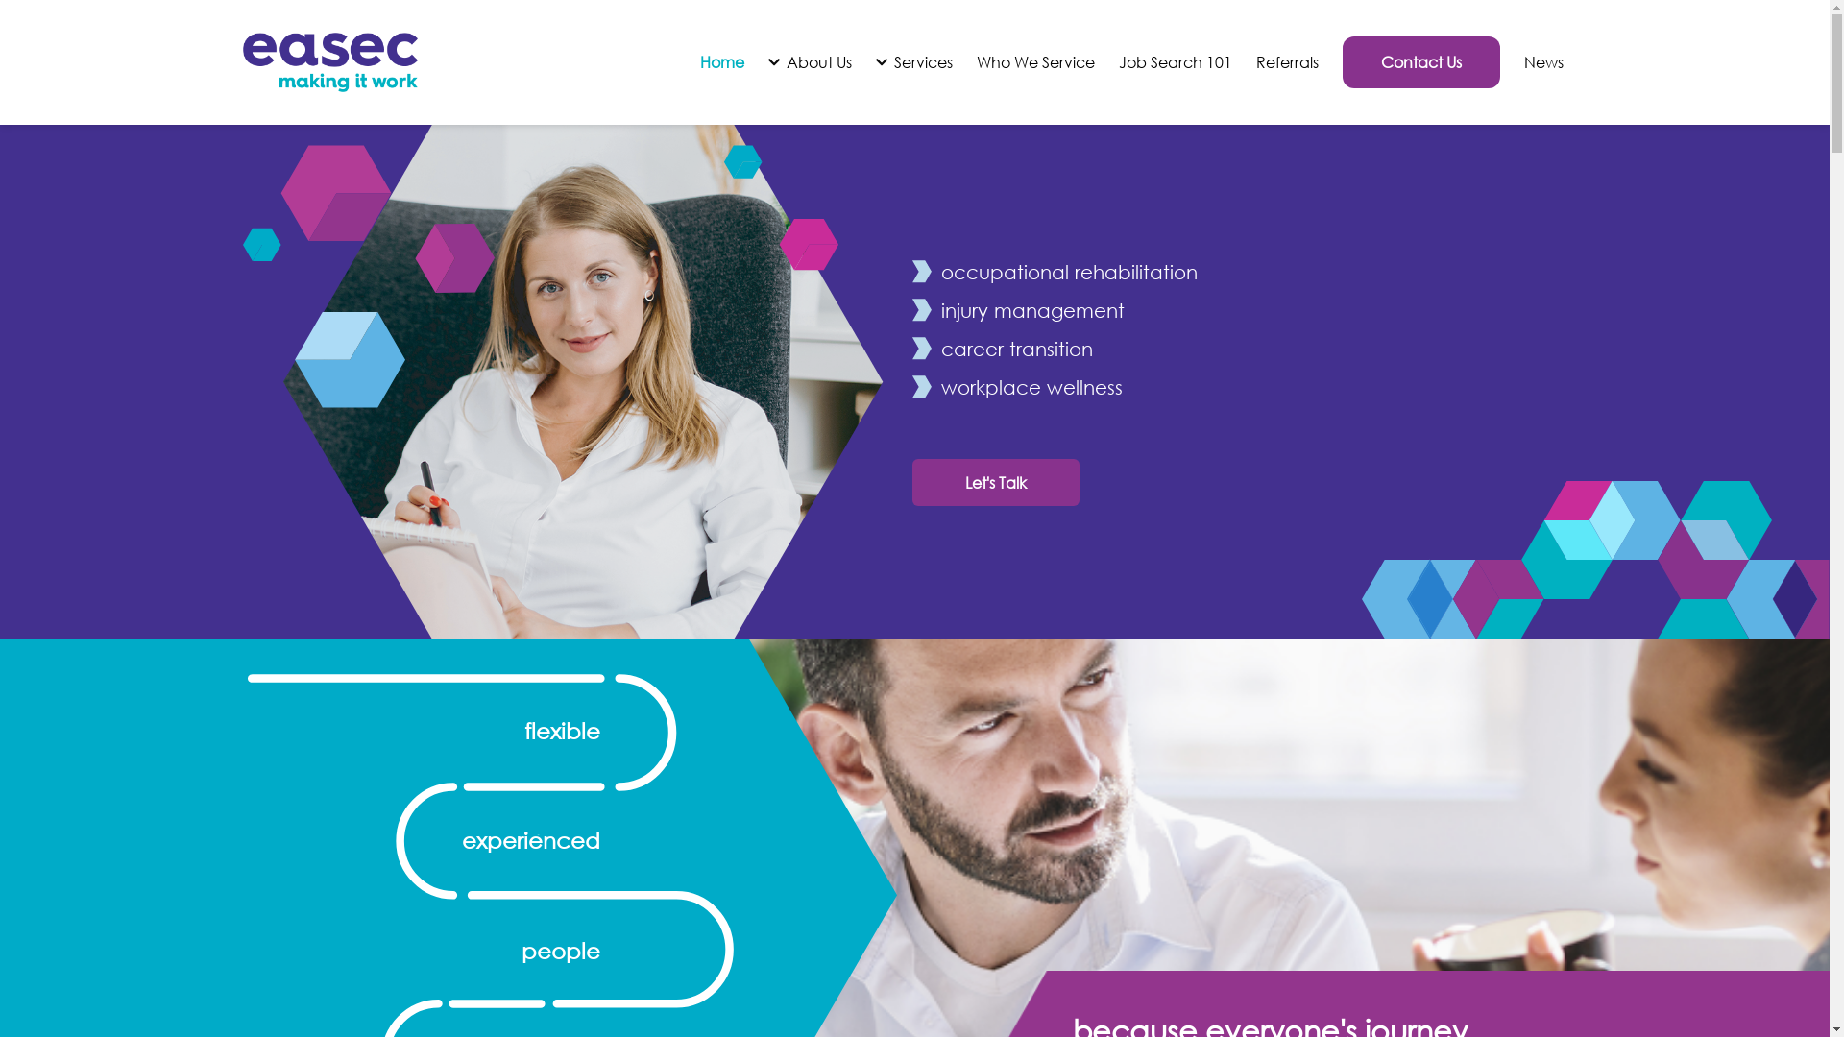 This screenshot has width=1844, height=1037. I want to click on 'Referrals', so click(1287, 61).